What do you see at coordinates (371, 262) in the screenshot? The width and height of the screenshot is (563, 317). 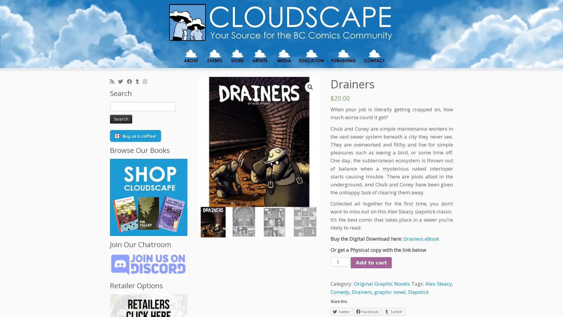 I see `Add to cart` at bounding box center [371, 262].